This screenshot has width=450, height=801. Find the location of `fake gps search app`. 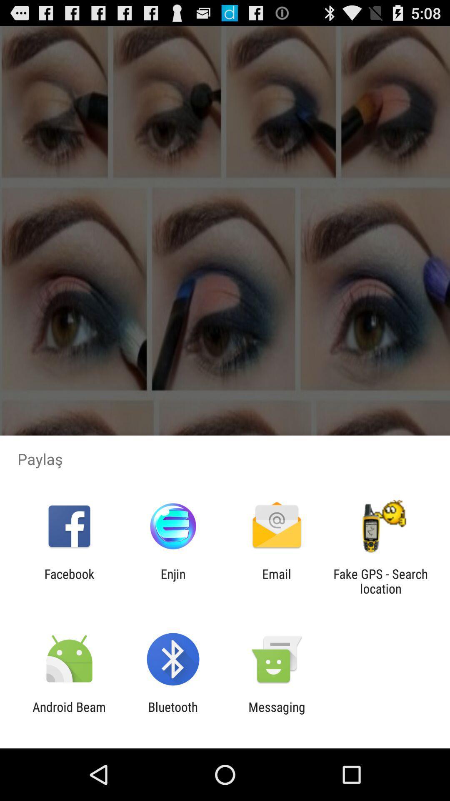

fake gps search app is located at coordinates (380, 581).